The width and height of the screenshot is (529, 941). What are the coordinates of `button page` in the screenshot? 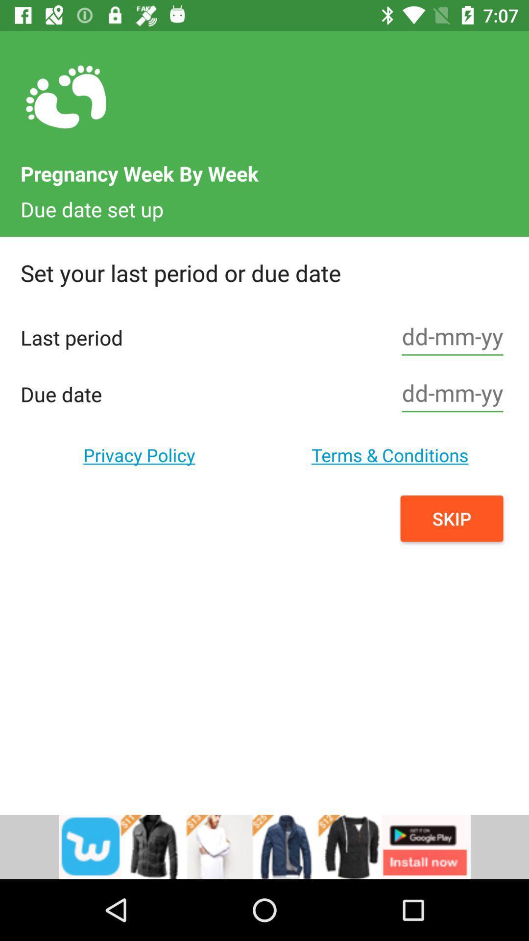 It's located at (453, 394).